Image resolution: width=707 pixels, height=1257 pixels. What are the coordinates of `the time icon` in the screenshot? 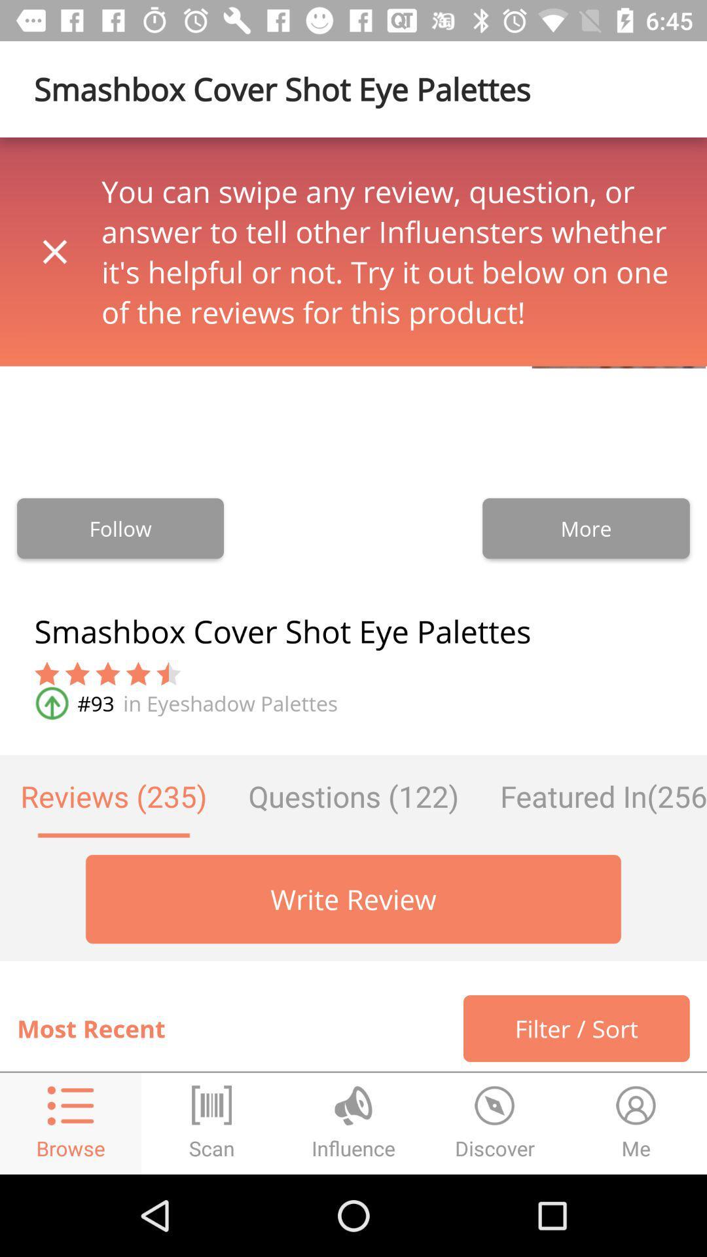 It's located at (495, 1123).